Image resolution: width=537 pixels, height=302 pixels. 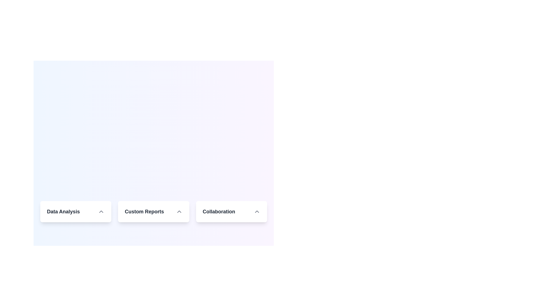 I want to click on the chevron-up icon located to the right of 'Custom Reports', so click(x=179, y=211).